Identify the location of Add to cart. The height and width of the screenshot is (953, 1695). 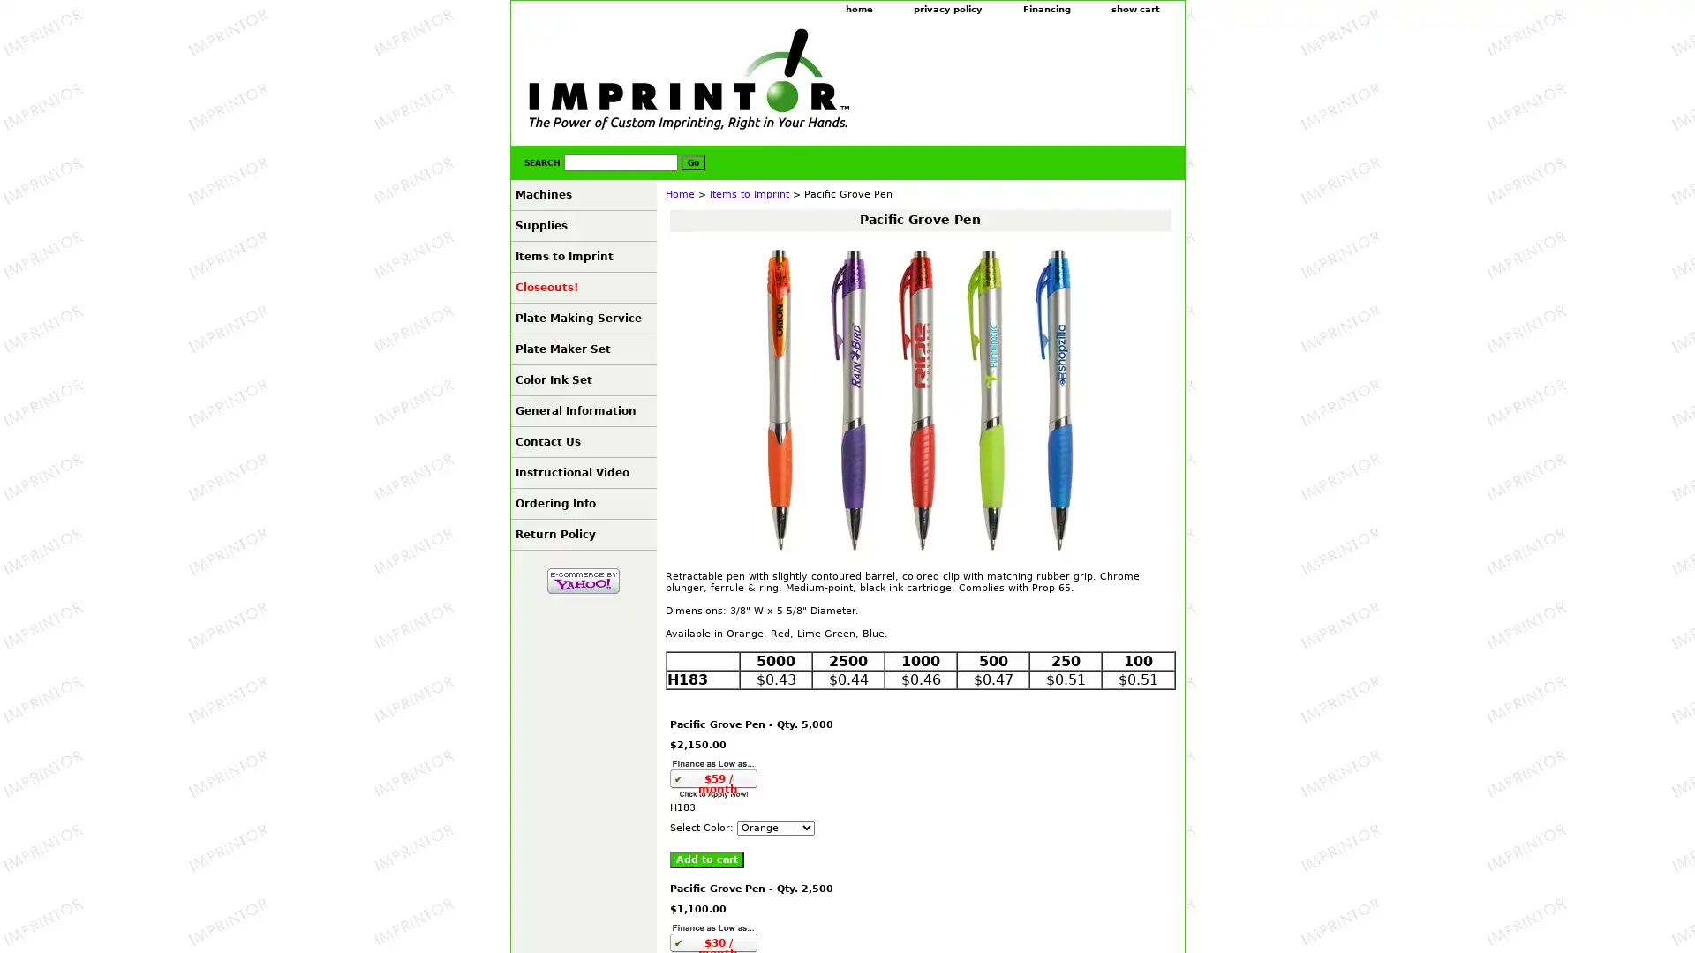
(706, 859).